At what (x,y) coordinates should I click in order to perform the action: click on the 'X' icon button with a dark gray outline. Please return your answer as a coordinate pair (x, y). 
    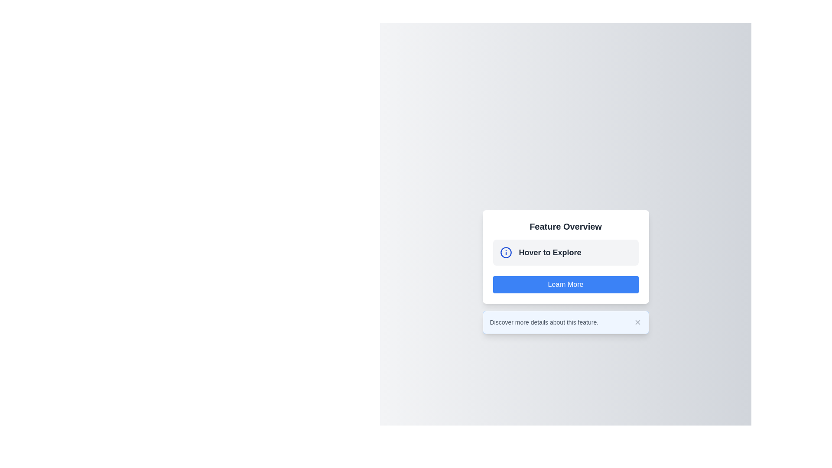
    Looking at the image, I should click on (637, 322).